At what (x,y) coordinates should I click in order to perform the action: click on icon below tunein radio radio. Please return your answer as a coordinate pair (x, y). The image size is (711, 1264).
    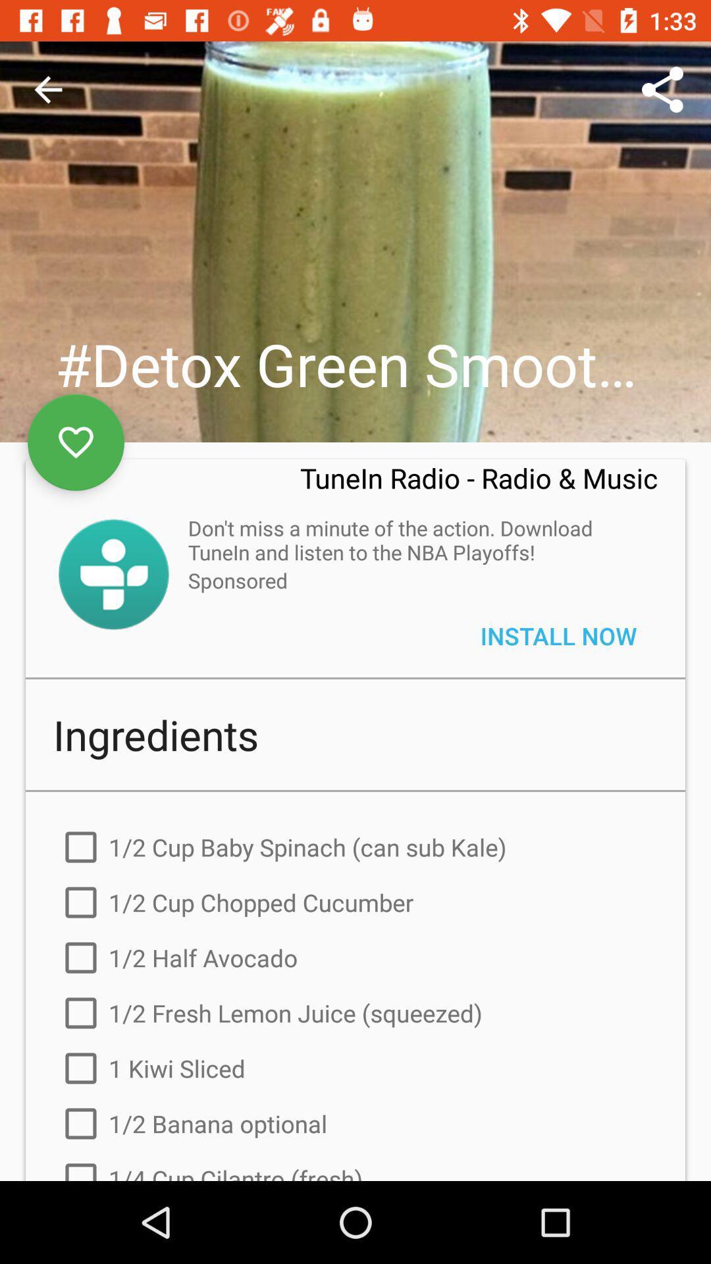
    Looking at the image, I should click on (415, 540).